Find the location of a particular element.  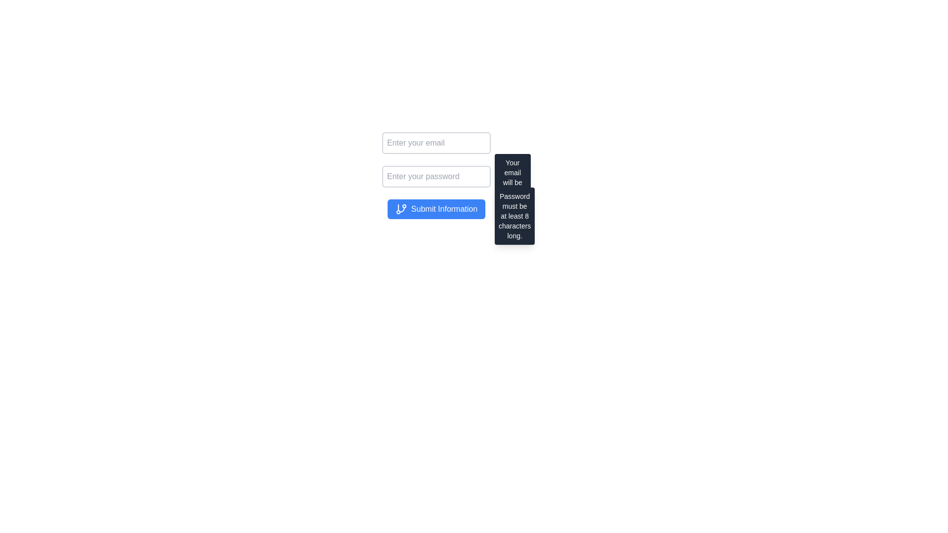

tooltip displaying the message 'Password must be at least 8 characters long.' which is a dark gray box with white text, located slightly overlapping the right side of the password input field is located at coordinates (514, 216).